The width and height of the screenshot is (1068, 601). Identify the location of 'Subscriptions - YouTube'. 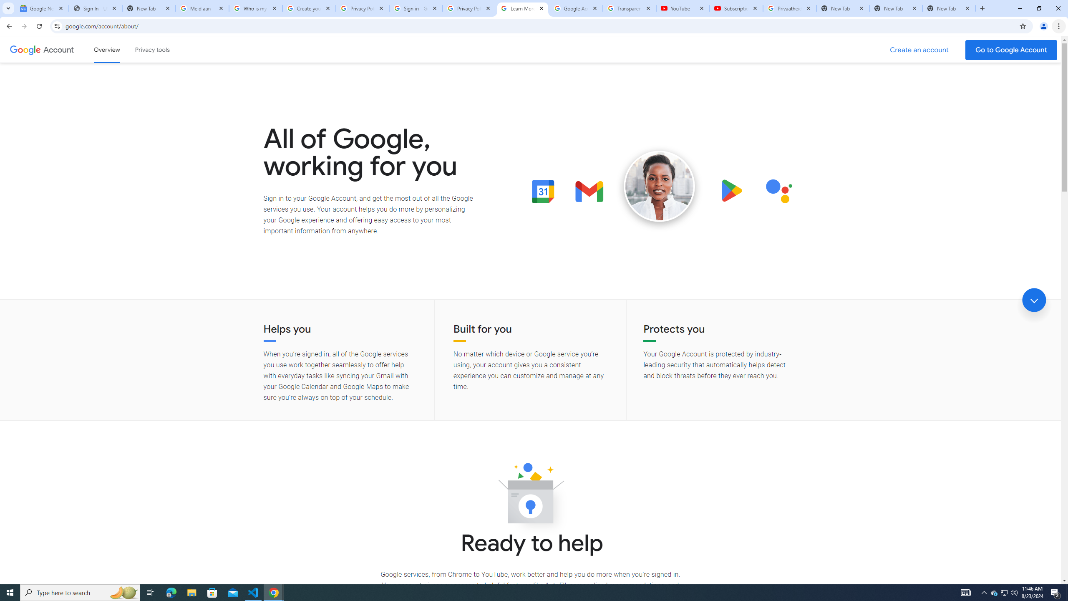
(736, 8).